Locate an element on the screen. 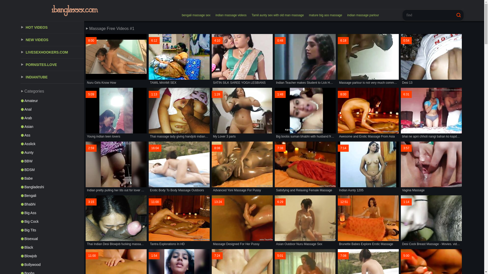  'Tamil aunty sex with old man massage' is located at coordinates (277, 15).